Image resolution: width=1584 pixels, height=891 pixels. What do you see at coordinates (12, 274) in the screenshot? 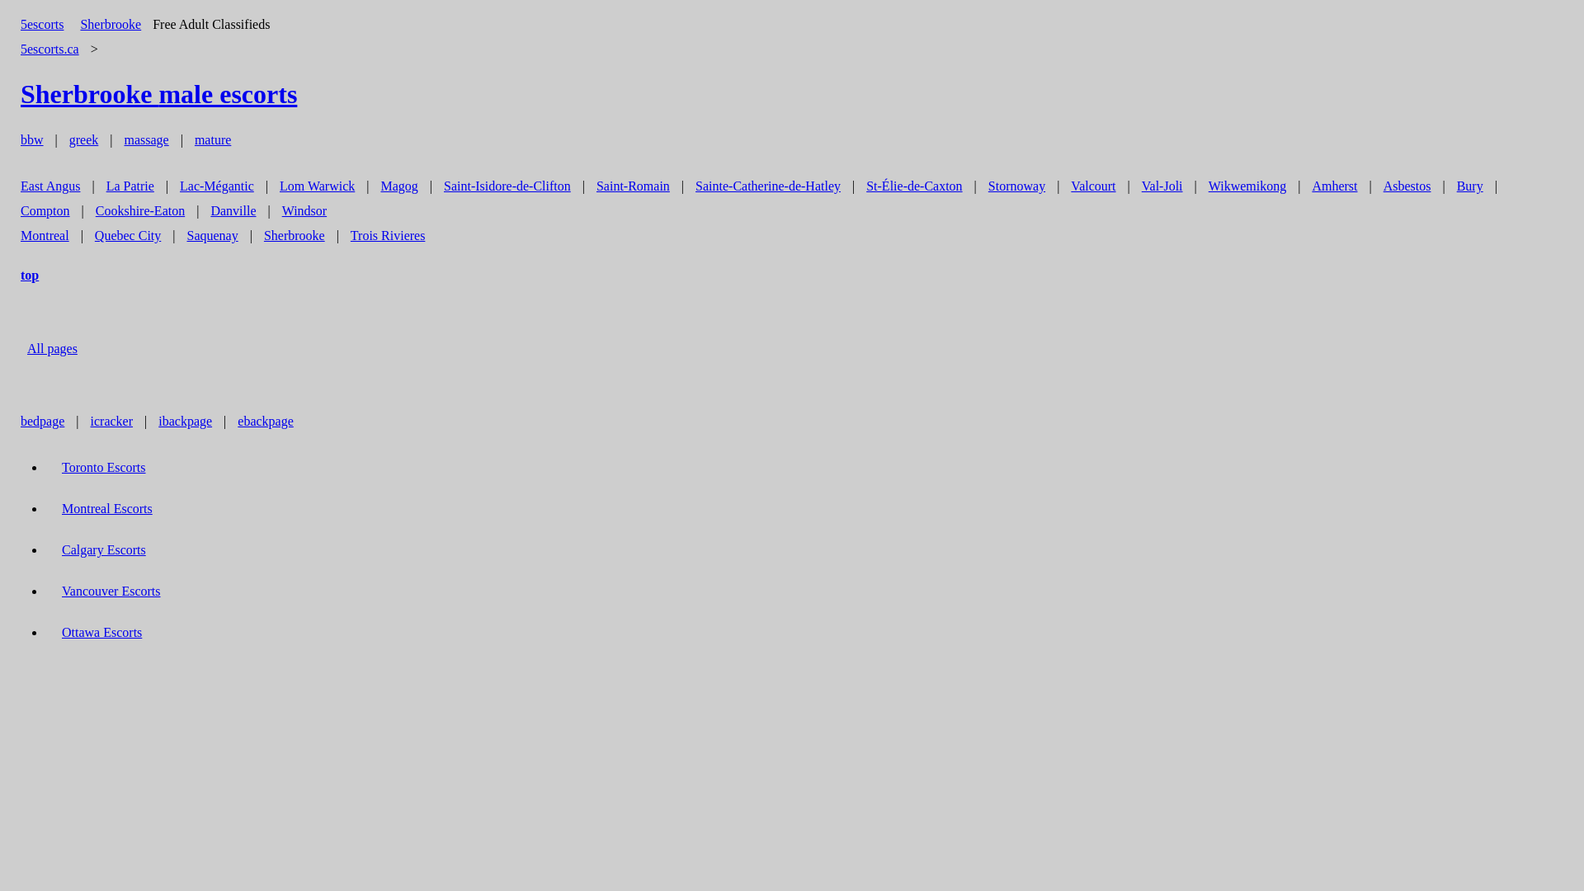
I see `'top'` at bounding box center [12, 274].